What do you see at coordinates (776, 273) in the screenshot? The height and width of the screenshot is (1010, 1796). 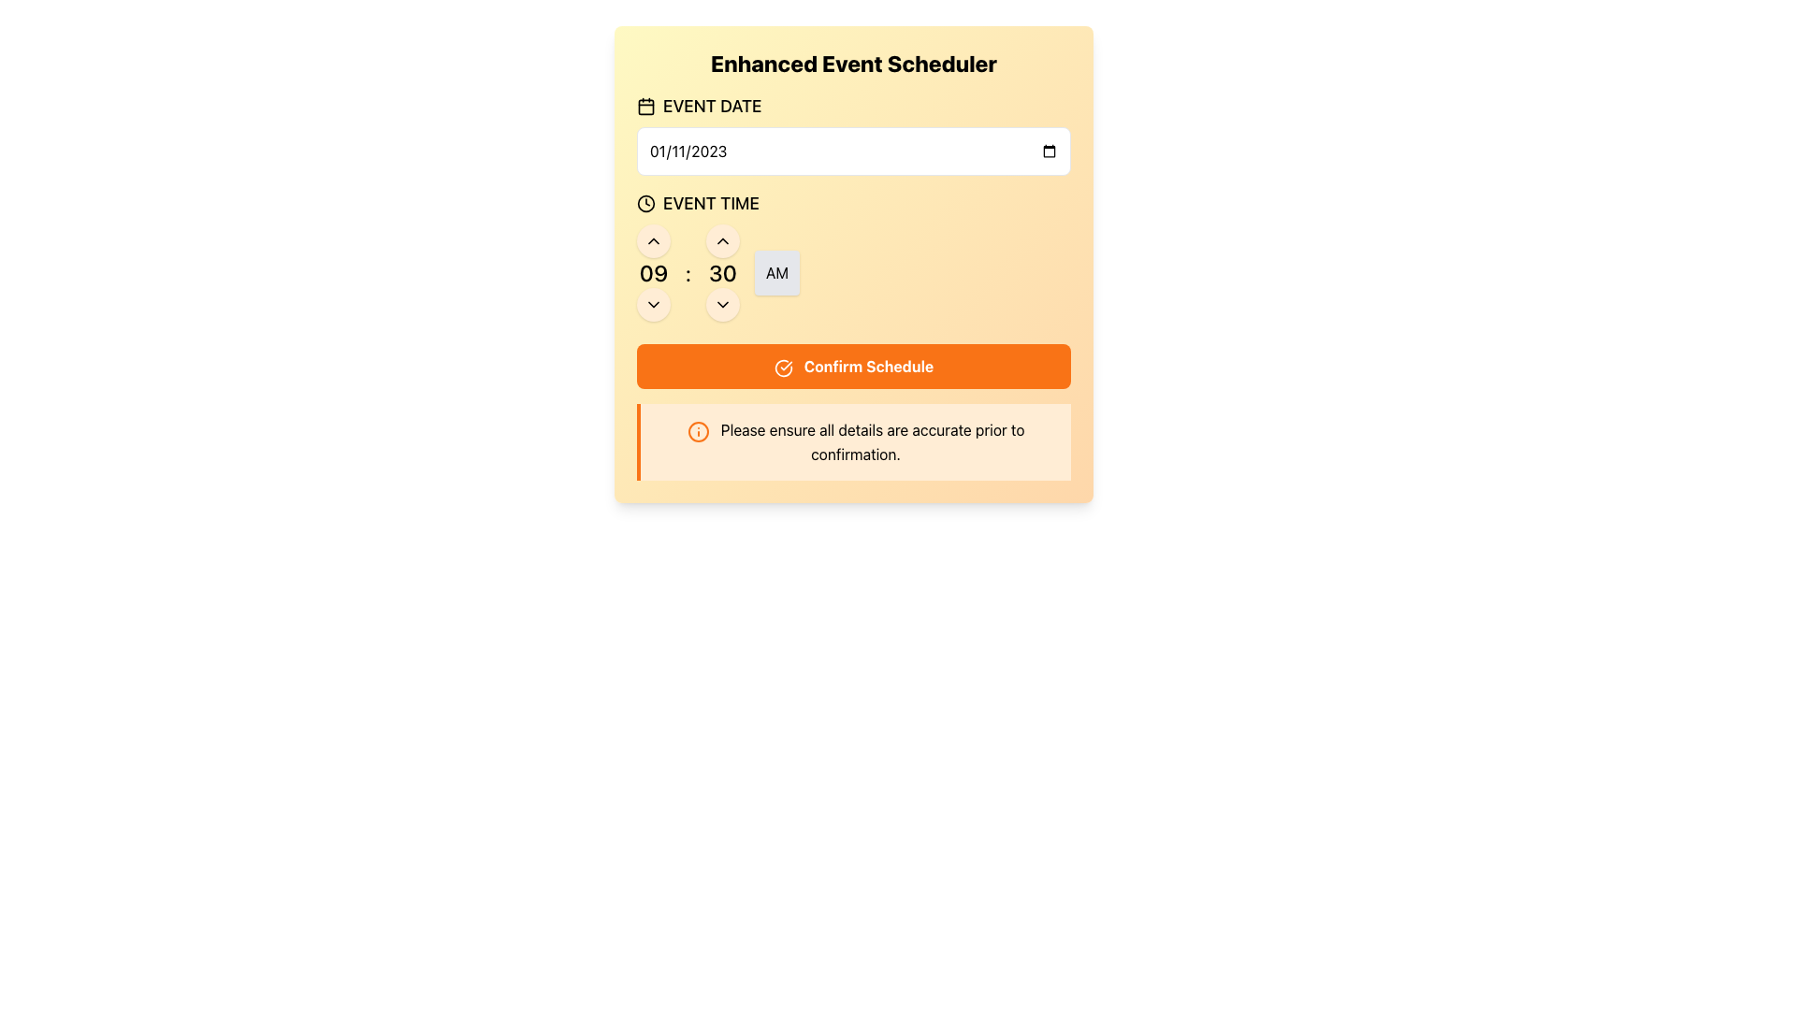 I see `the button displaying 'AM' with a light gray background, located to the right of the '30' minute input field` at bounding box center [776, 273].